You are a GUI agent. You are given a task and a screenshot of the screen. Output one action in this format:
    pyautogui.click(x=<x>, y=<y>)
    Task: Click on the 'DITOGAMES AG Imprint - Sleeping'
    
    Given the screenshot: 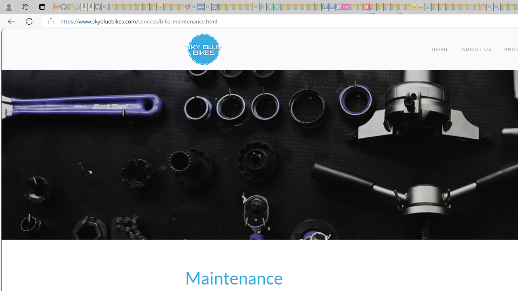 What is the action you would take?
    pyautogui.click(x=427, y=7)
    